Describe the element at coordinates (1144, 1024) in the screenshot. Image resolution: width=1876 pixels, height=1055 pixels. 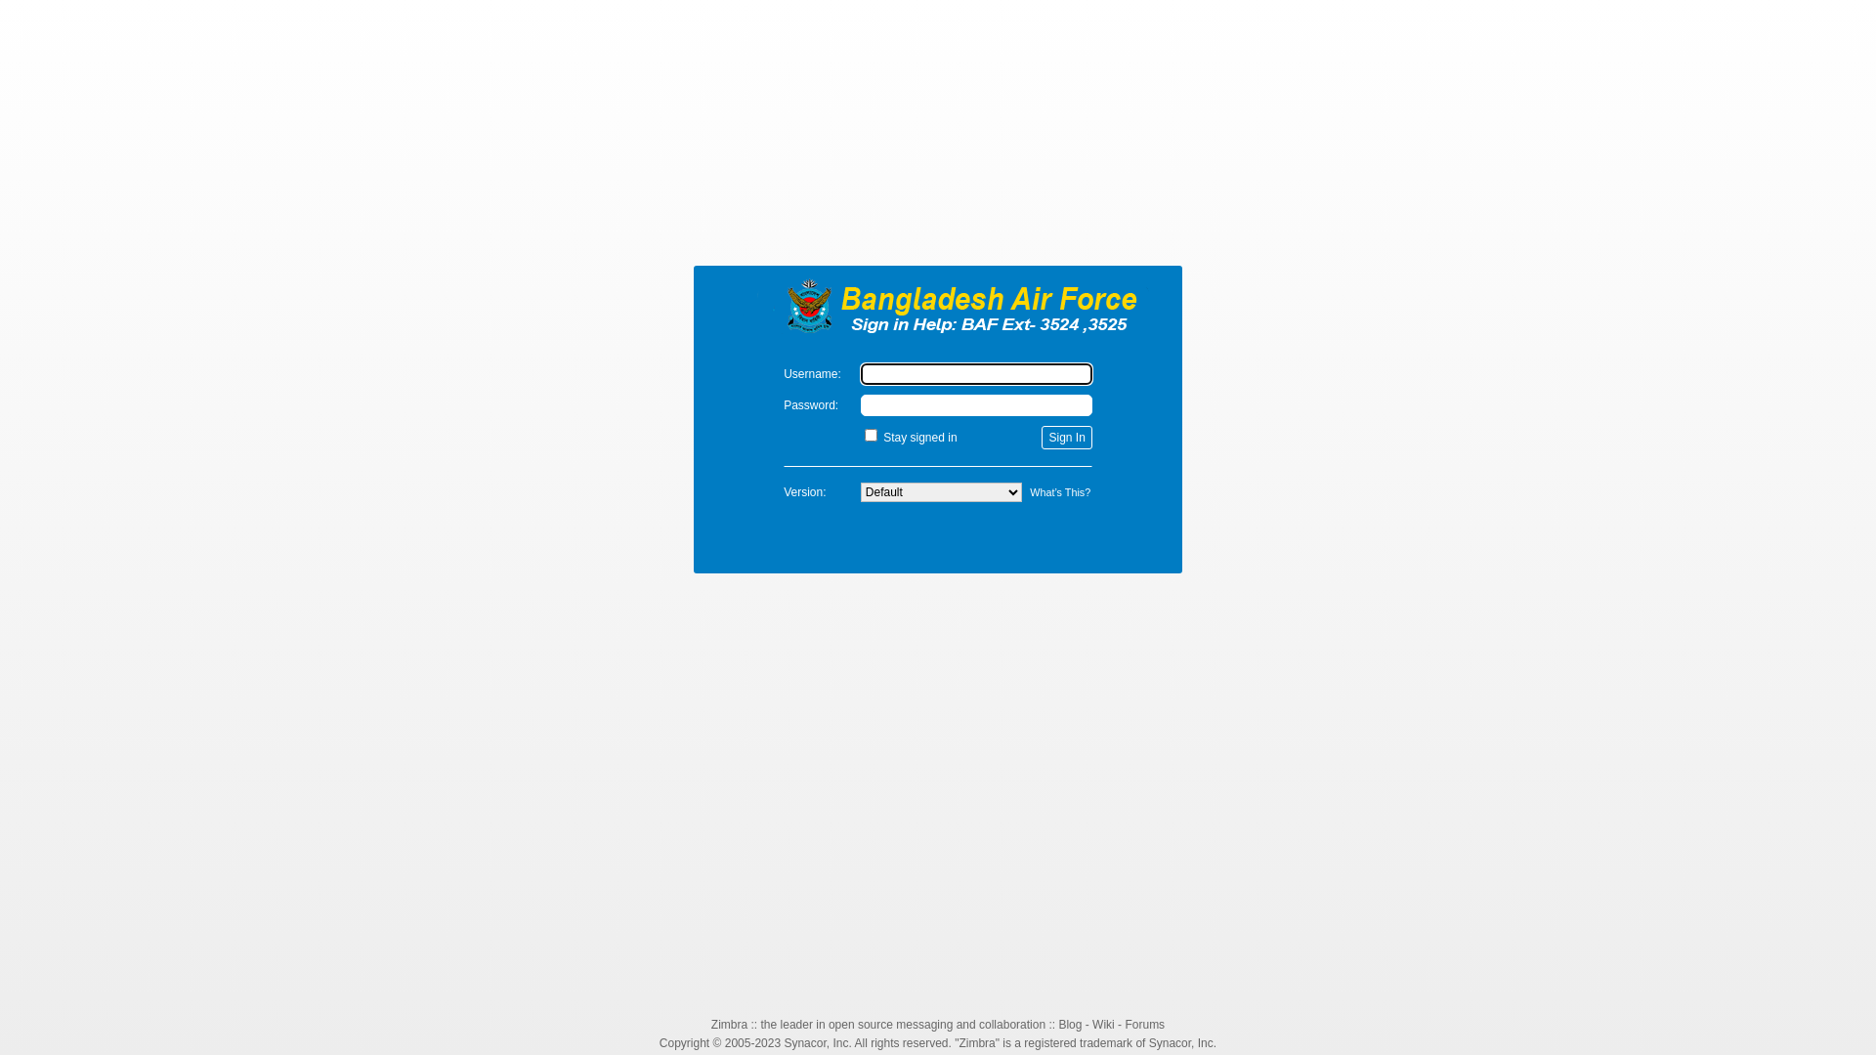
I see `'Forums'` at that location.